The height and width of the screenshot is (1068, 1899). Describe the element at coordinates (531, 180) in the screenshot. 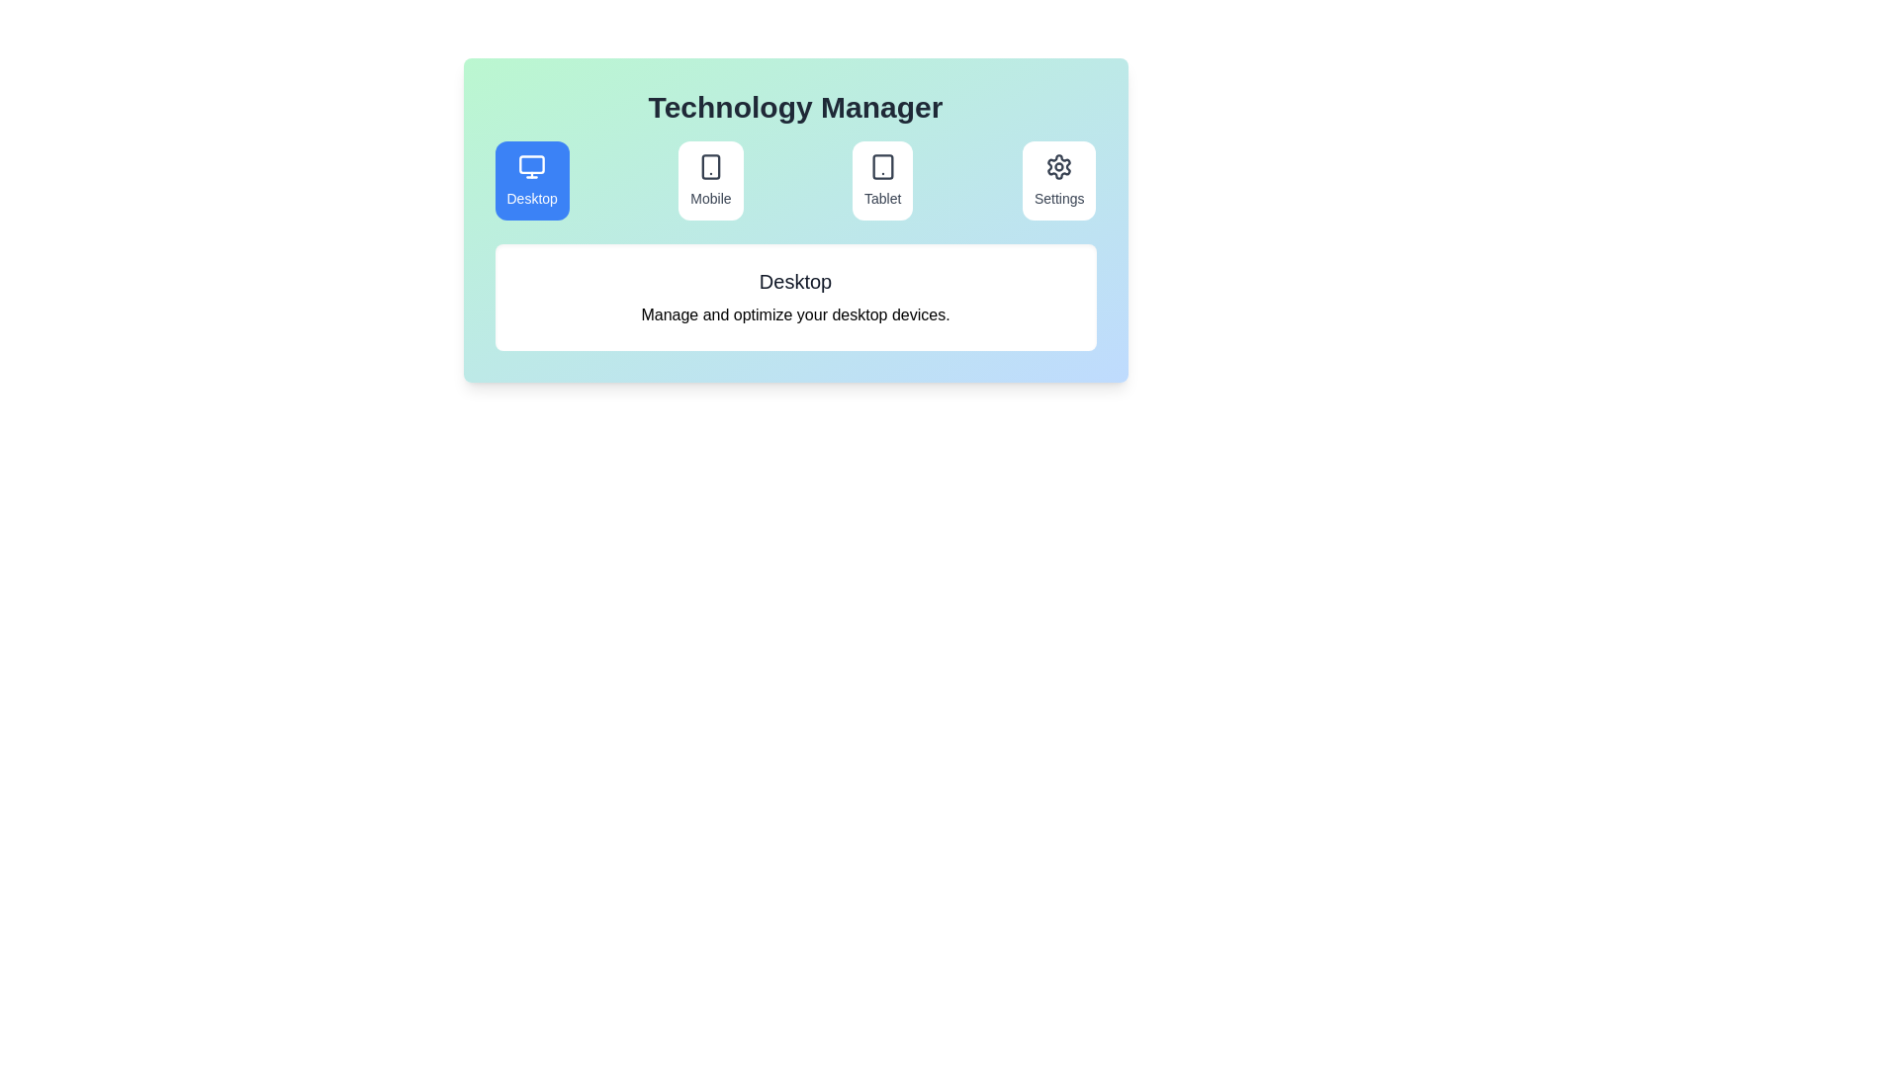

I see `the Desktop tab to switch to its section` at that location.